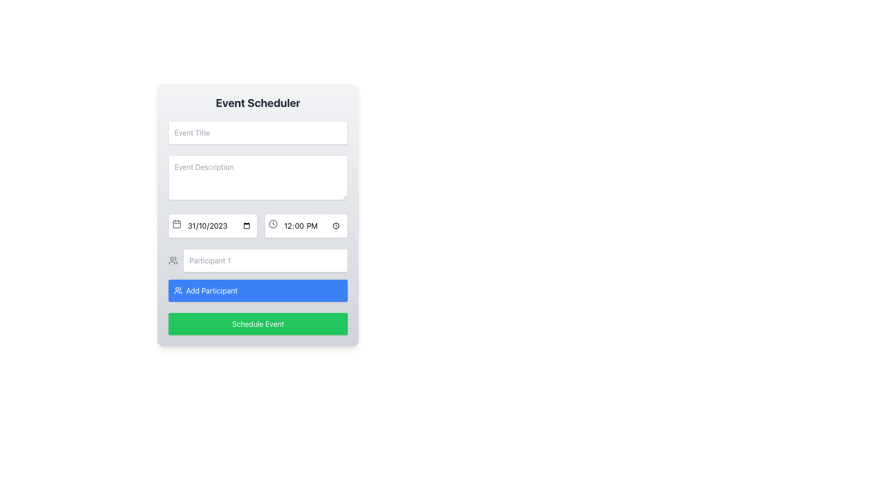 The width and height of the screenshot is (889, 500). I want to click on the interactive calendar icon located to the left of the 'Date Picker' input field, so click(177, 224).